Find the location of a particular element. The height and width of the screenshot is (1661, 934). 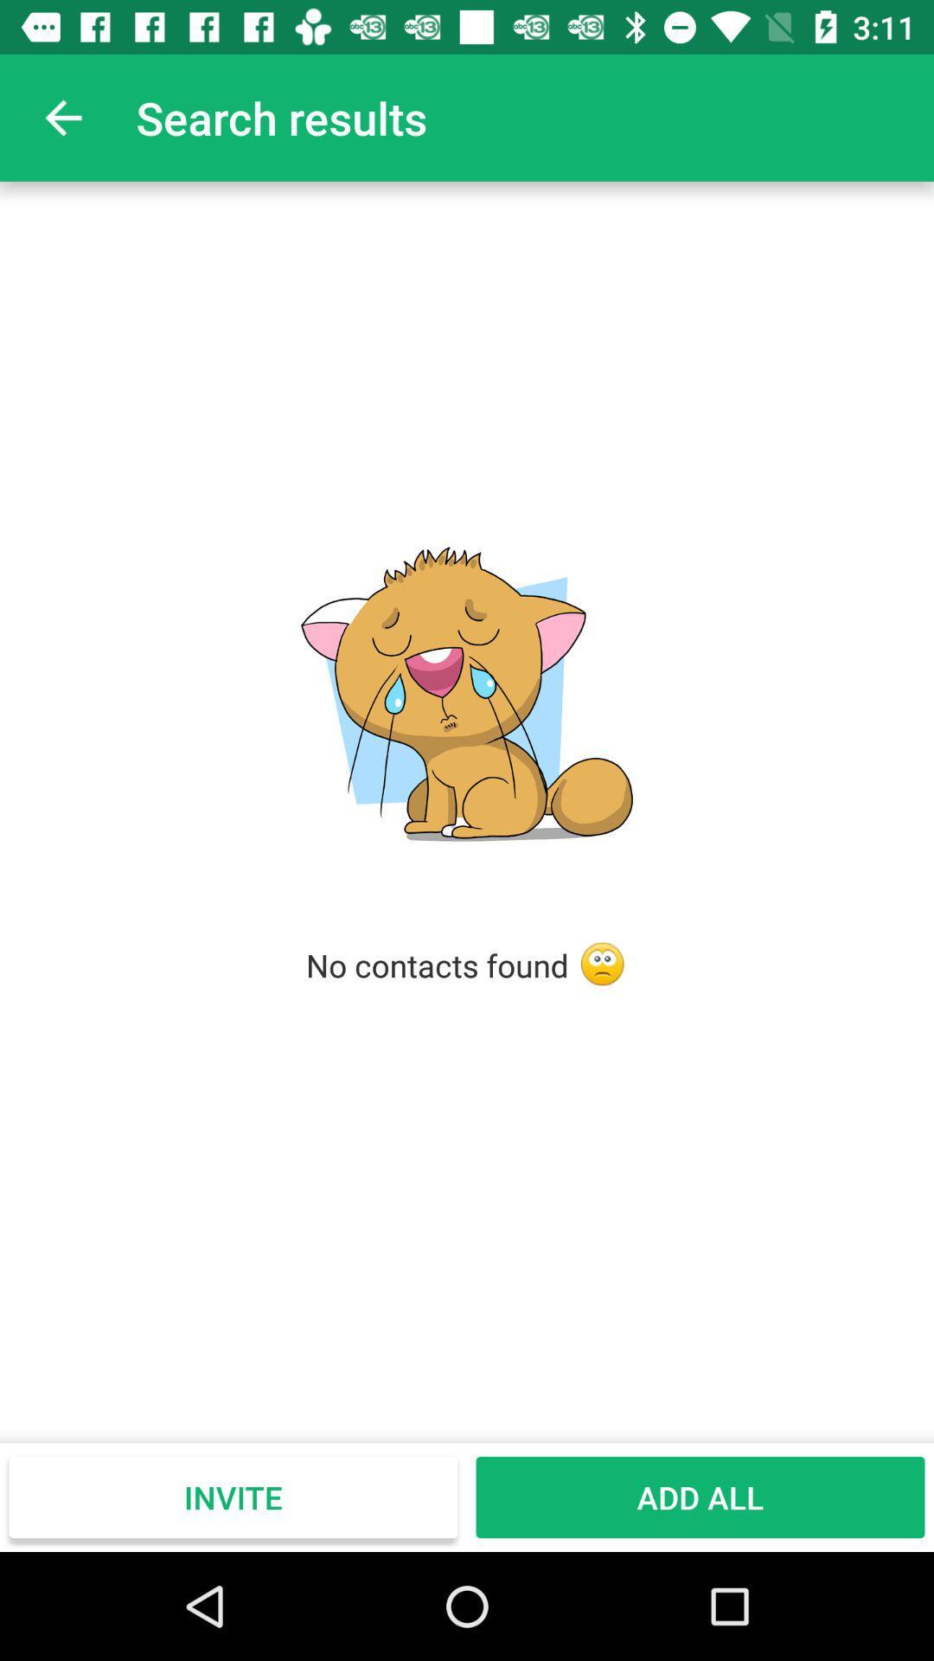

the icon next to add all item is located at coordinates (233, 1497).